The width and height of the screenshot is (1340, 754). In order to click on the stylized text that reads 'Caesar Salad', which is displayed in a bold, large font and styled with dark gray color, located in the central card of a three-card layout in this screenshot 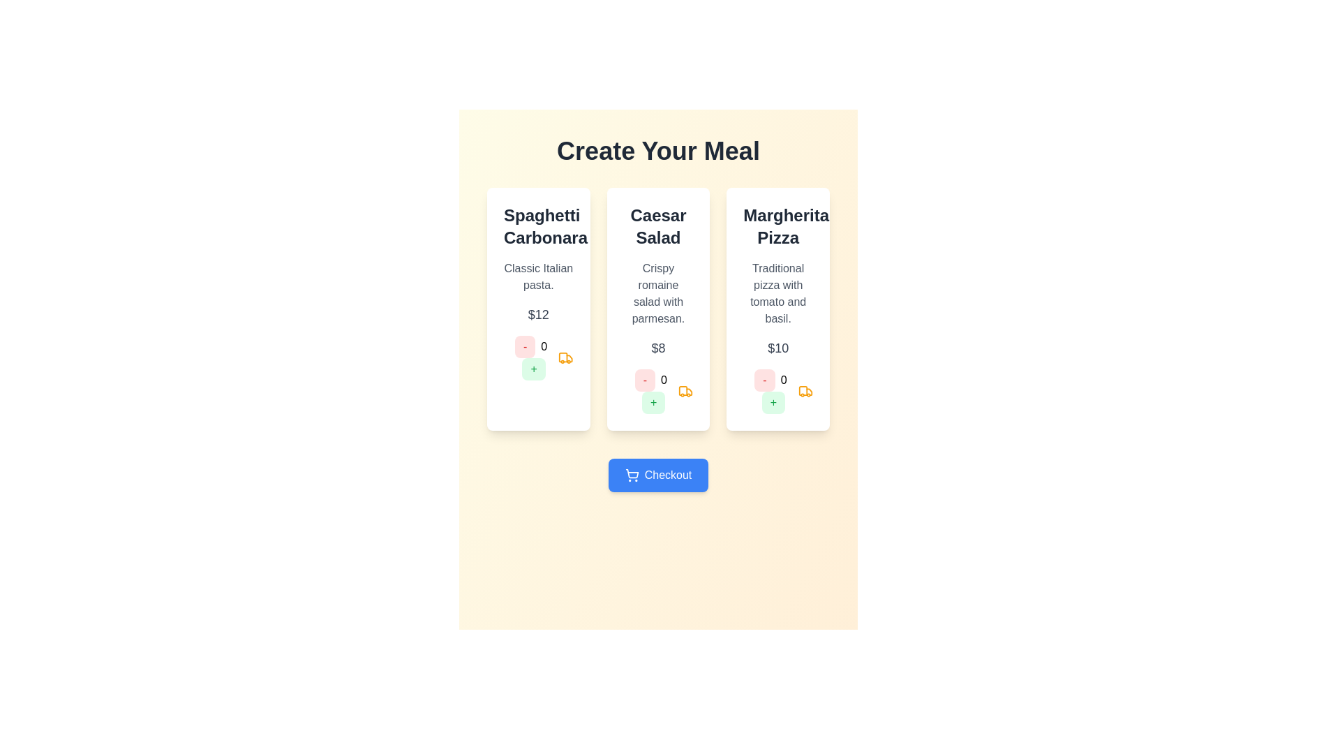, I will do `click(657, 226)`.